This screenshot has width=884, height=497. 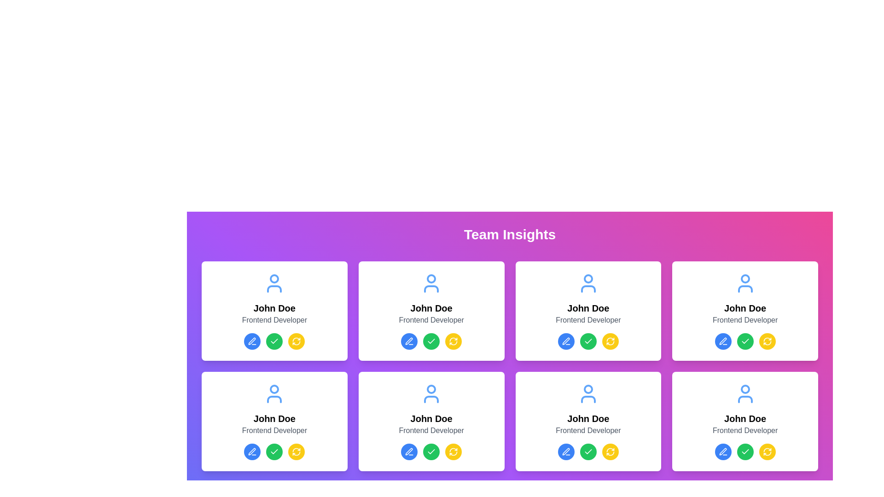 I want to click on the user profile icon located at the top center of the second card in the second row of the grid layout, so click(x=431, y=393).